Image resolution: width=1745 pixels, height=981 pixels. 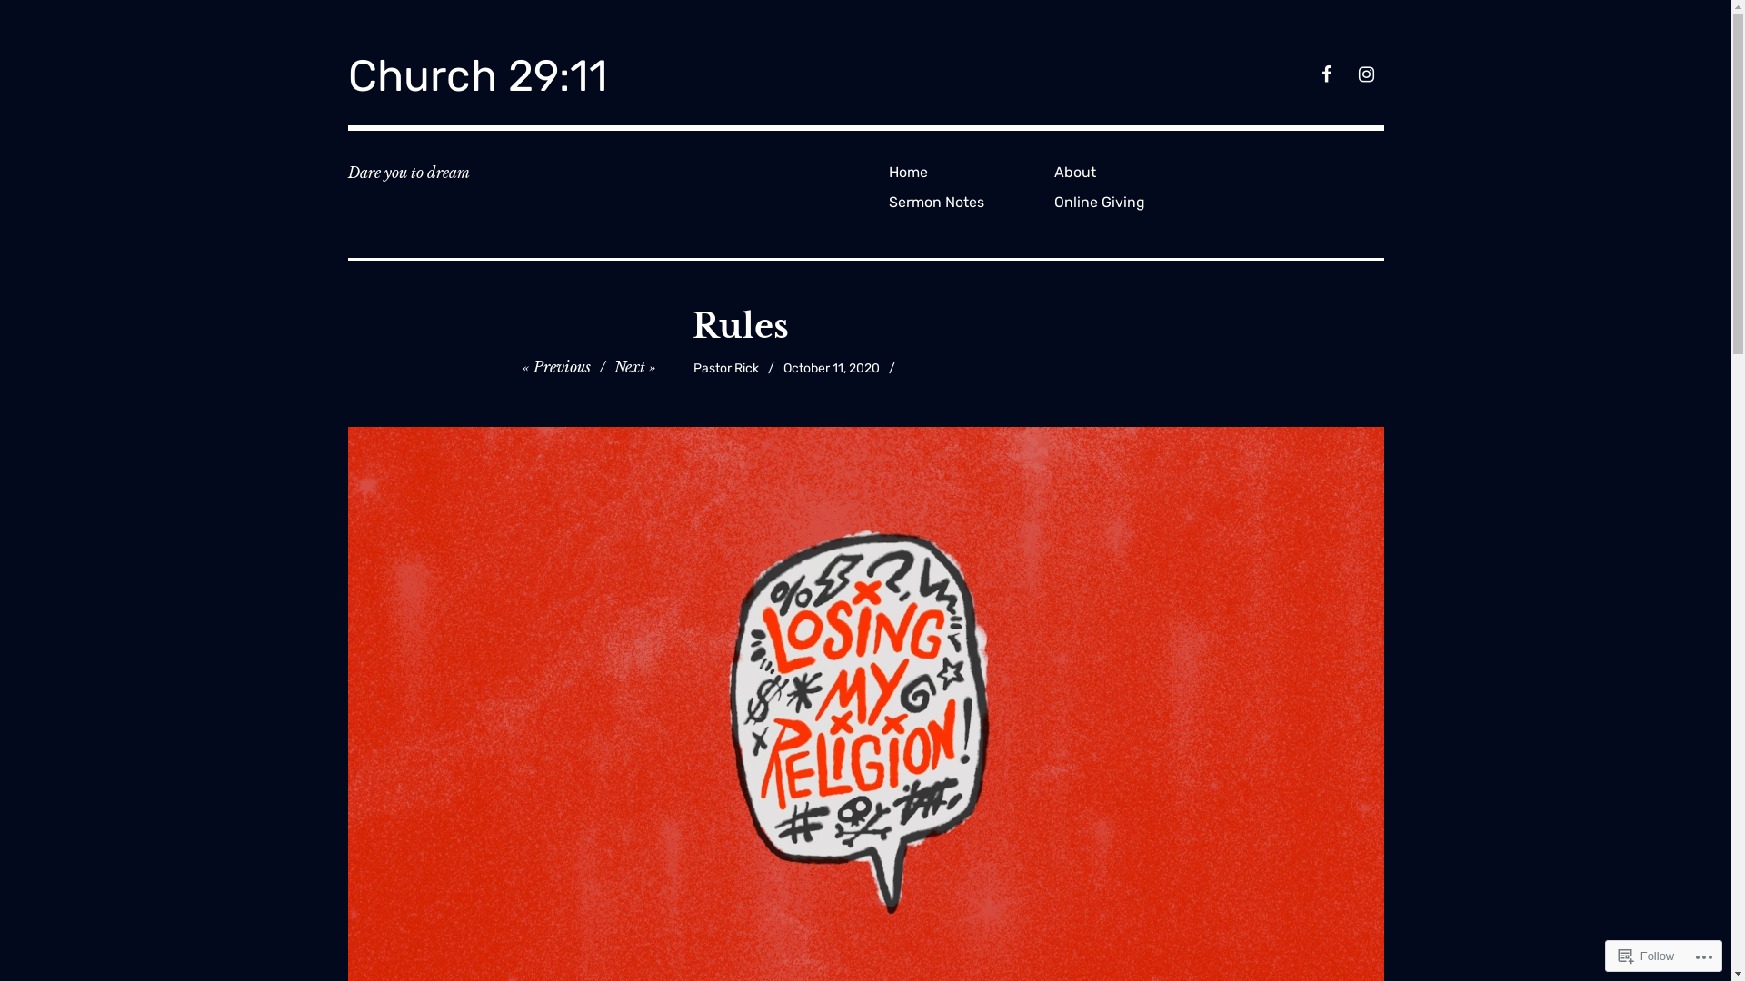 What do you see at coordinates (1129, 172) in the screenshot?
I see `'About'` at bounding box center [1129, 172].